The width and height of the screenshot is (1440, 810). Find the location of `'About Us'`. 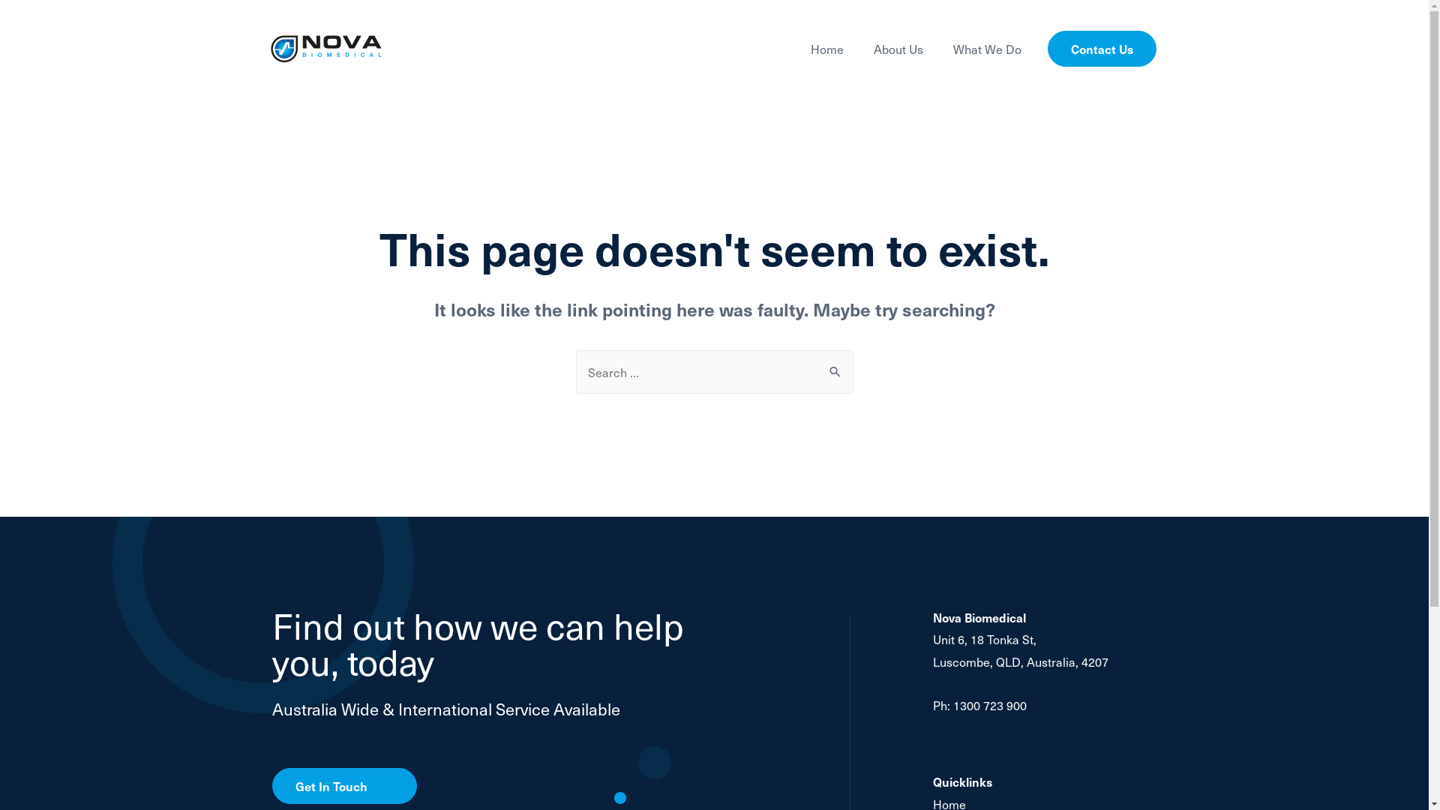

'About Us' is located at coordinates (898, 48).